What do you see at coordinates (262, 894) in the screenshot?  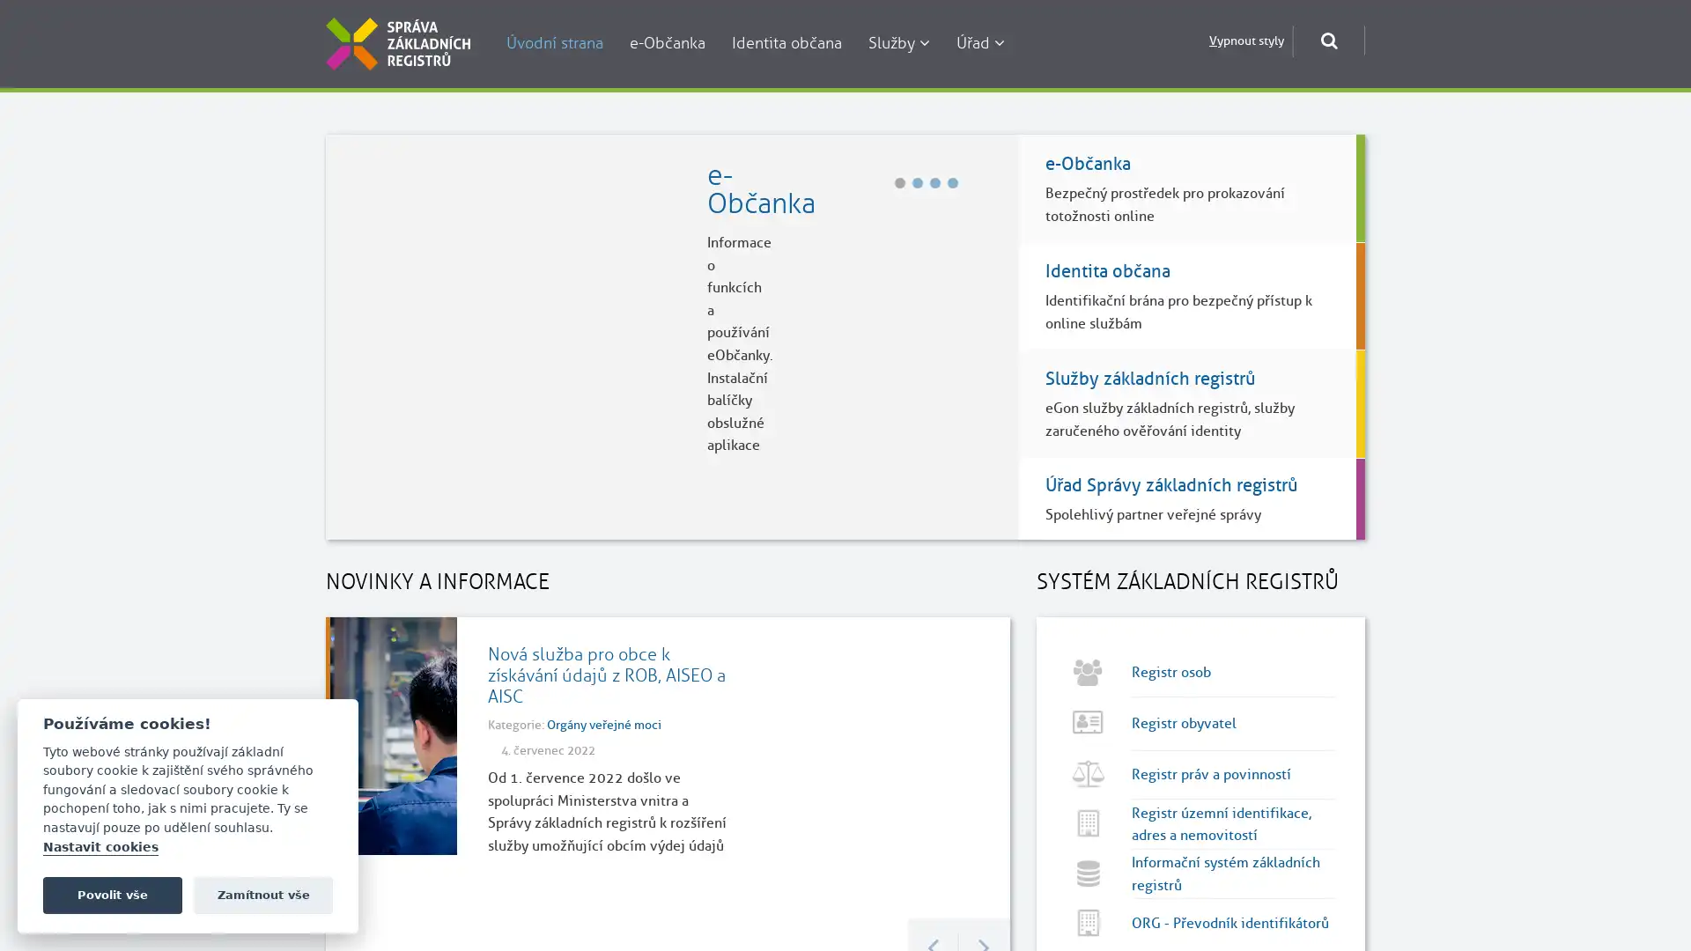 I see `Zamitnout vse` at bounding box center [262, 894].